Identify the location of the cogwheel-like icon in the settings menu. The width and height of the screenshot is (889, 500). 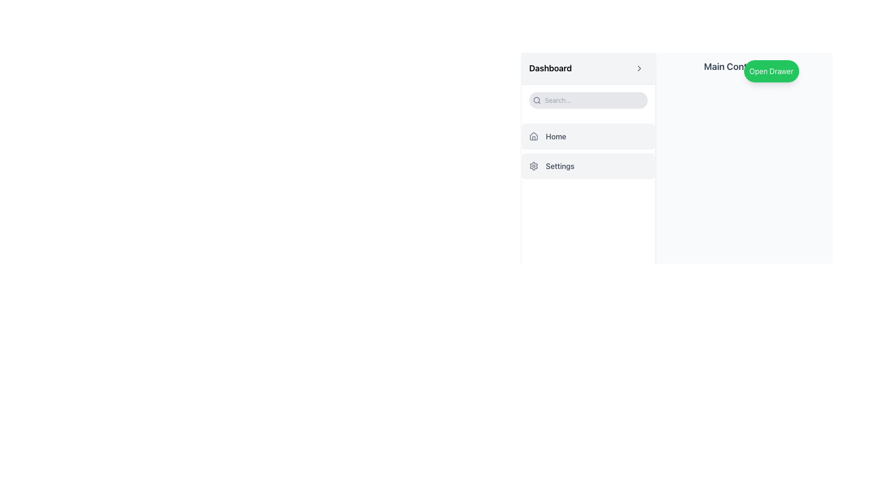
(533, 165).